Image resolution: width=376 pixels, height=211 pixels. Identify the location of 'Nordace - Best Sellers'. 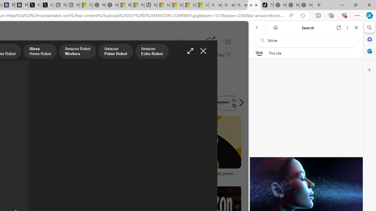
(280, 5).